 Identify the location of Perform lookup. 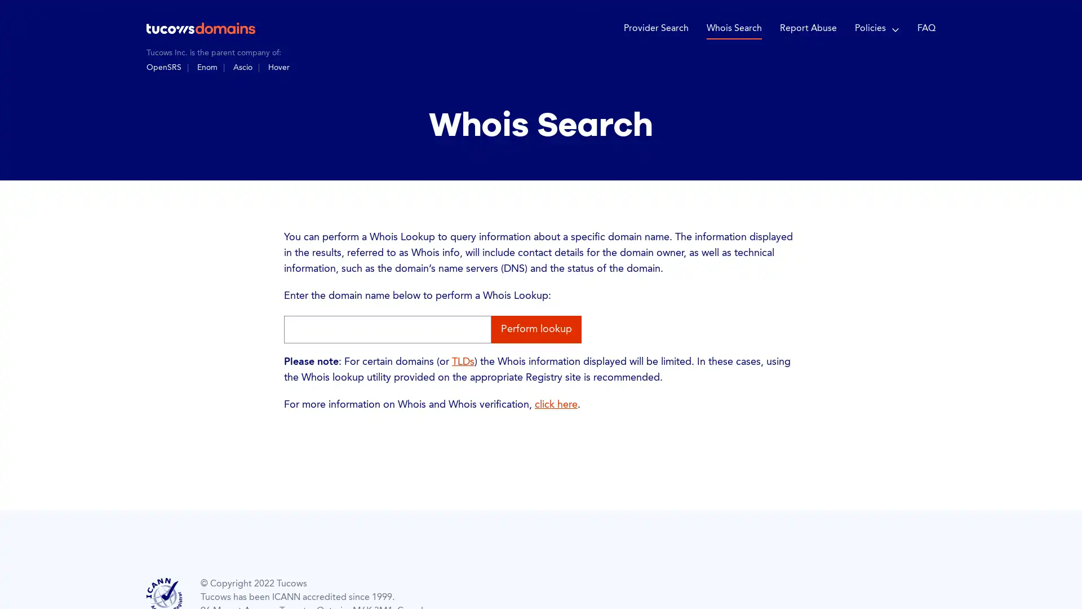
(535, 329).